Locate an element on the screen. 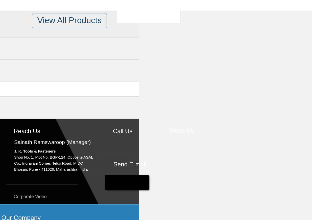 The width and height of the screenshot is (312, 220). 'Shop No. 1, Plot No. BGP-124, Opposite ASAL Co., Indrayani Corner, Telco Road, MIDC' is located at coordinates (54, 160).